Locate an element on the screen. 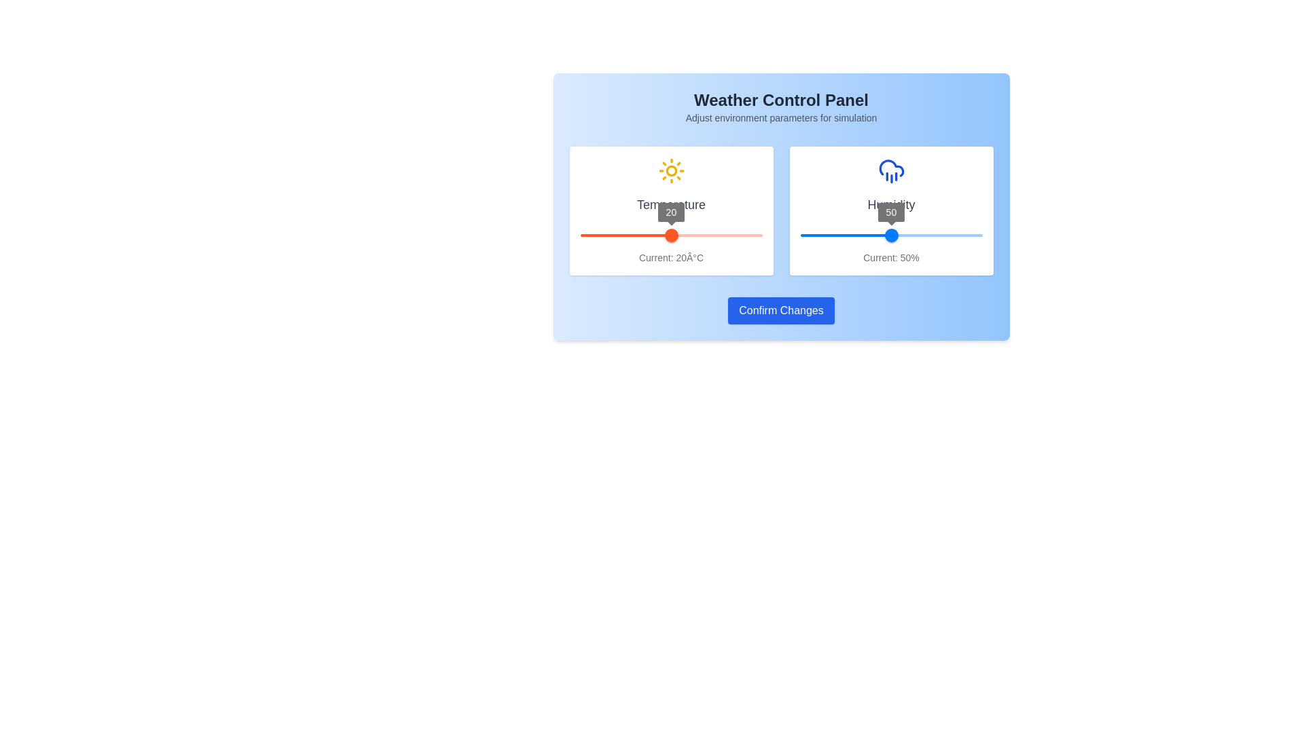  humidity is located at coordinates (837, 235).